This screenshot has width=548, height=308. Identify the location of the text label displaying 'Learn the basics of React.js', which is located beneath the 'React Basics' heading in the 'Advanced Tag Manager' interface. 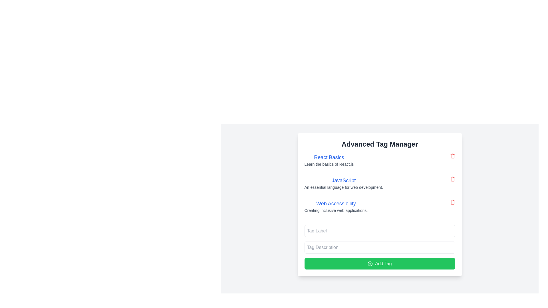
(329, 164).